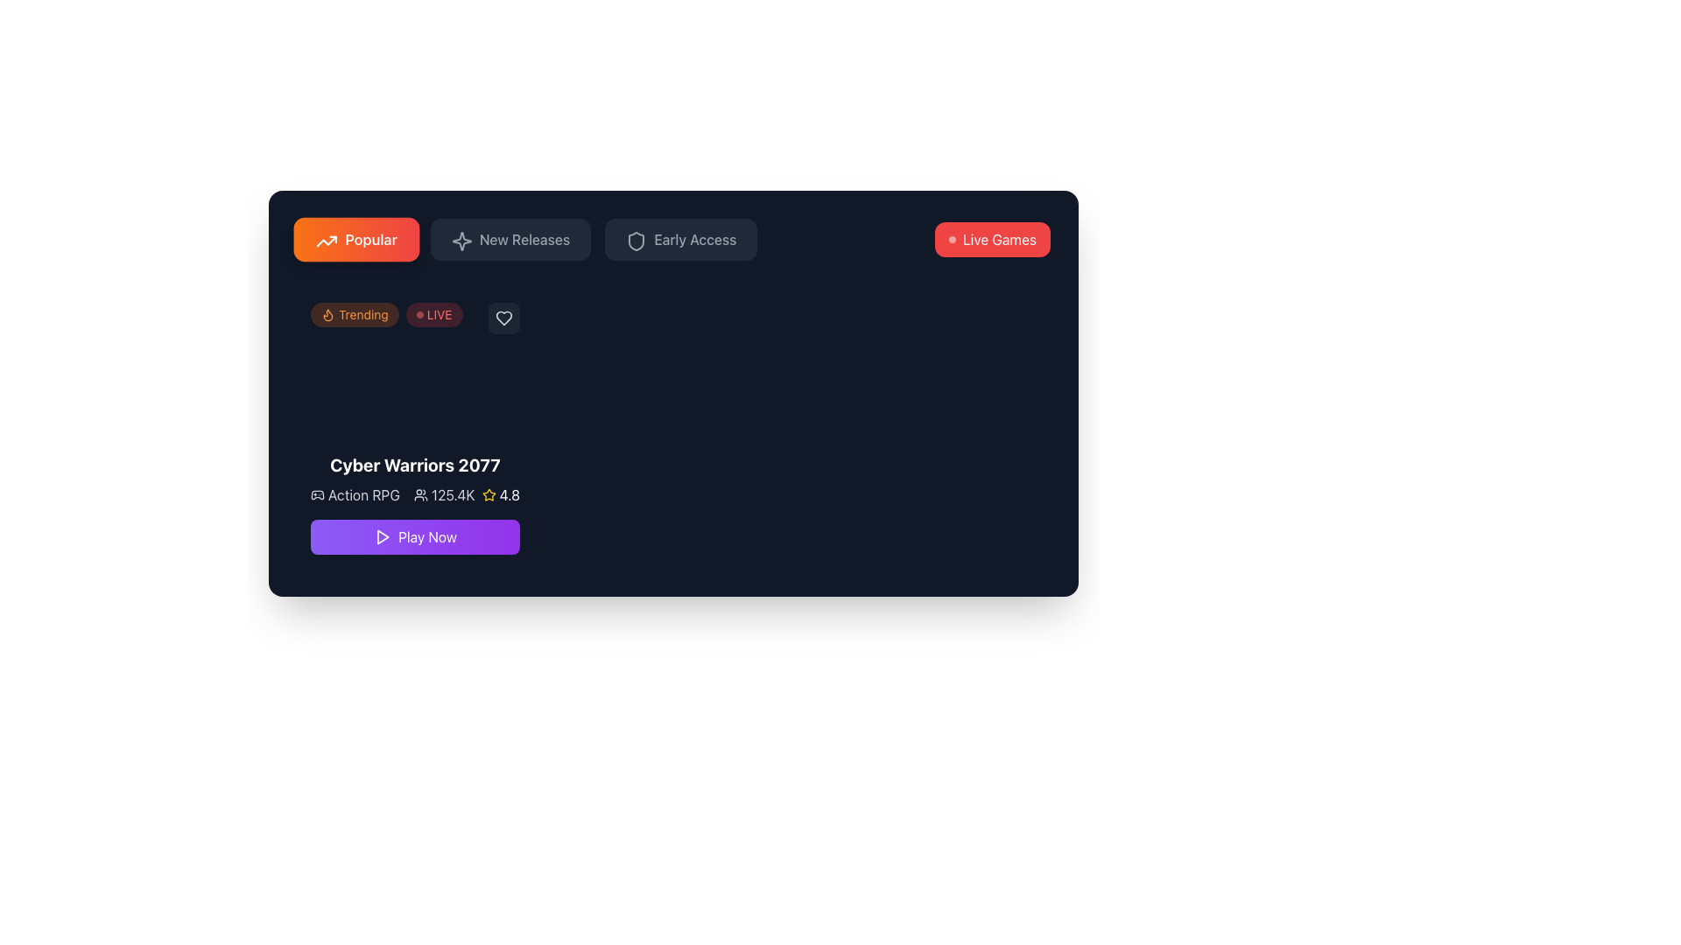  I want to click on the 'Early Access' button in the Navigation Bar, so click(672, 239).